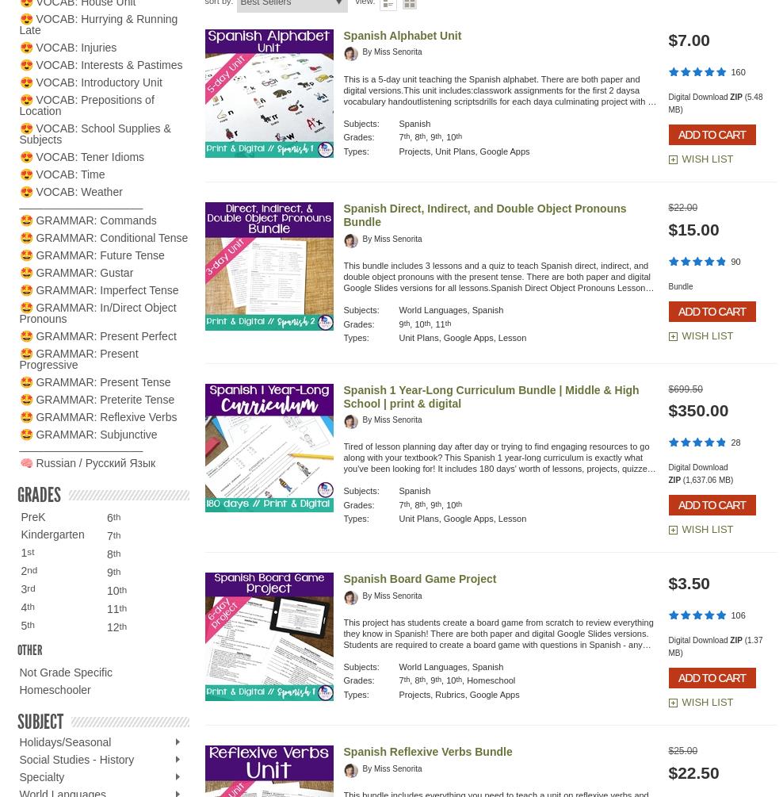 This screenshot has width=783, height=797. Describe the element at coordinates (37, 494) in the screenshot. I see `'Grades'` at that location.